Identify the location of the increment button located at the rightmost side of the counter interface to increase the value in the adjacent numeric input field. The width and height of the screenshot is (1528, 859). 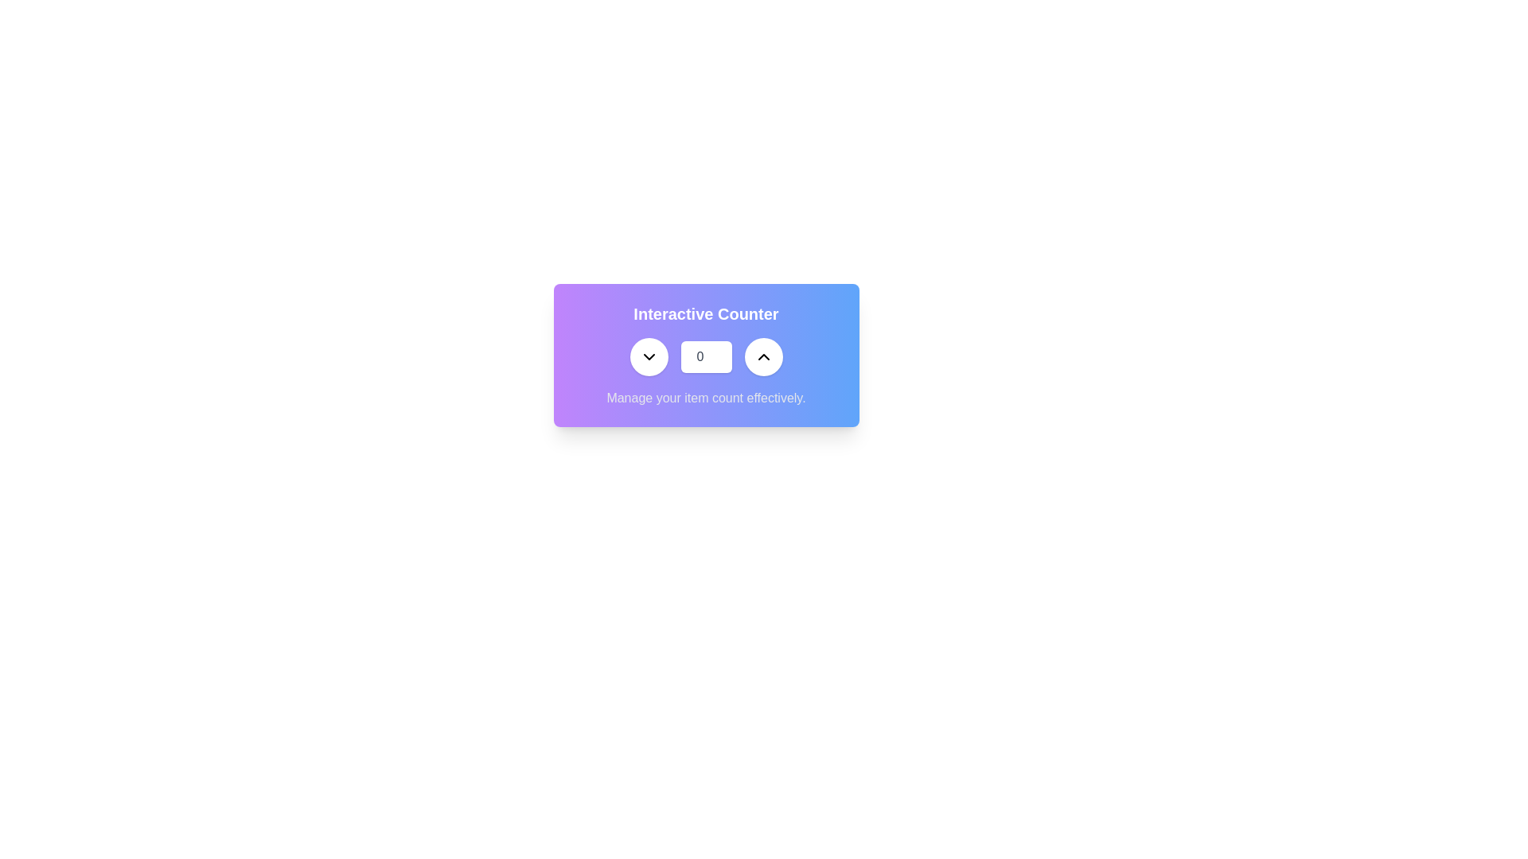
(762, 356).